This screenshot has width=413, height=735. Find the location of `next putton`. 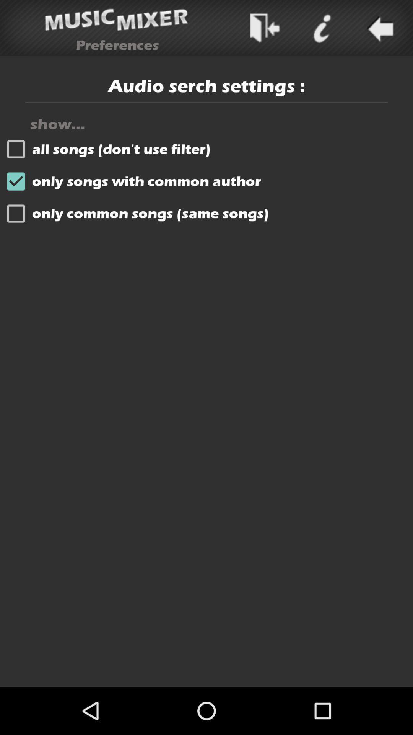

next putton is located at coordinates (264, 28).